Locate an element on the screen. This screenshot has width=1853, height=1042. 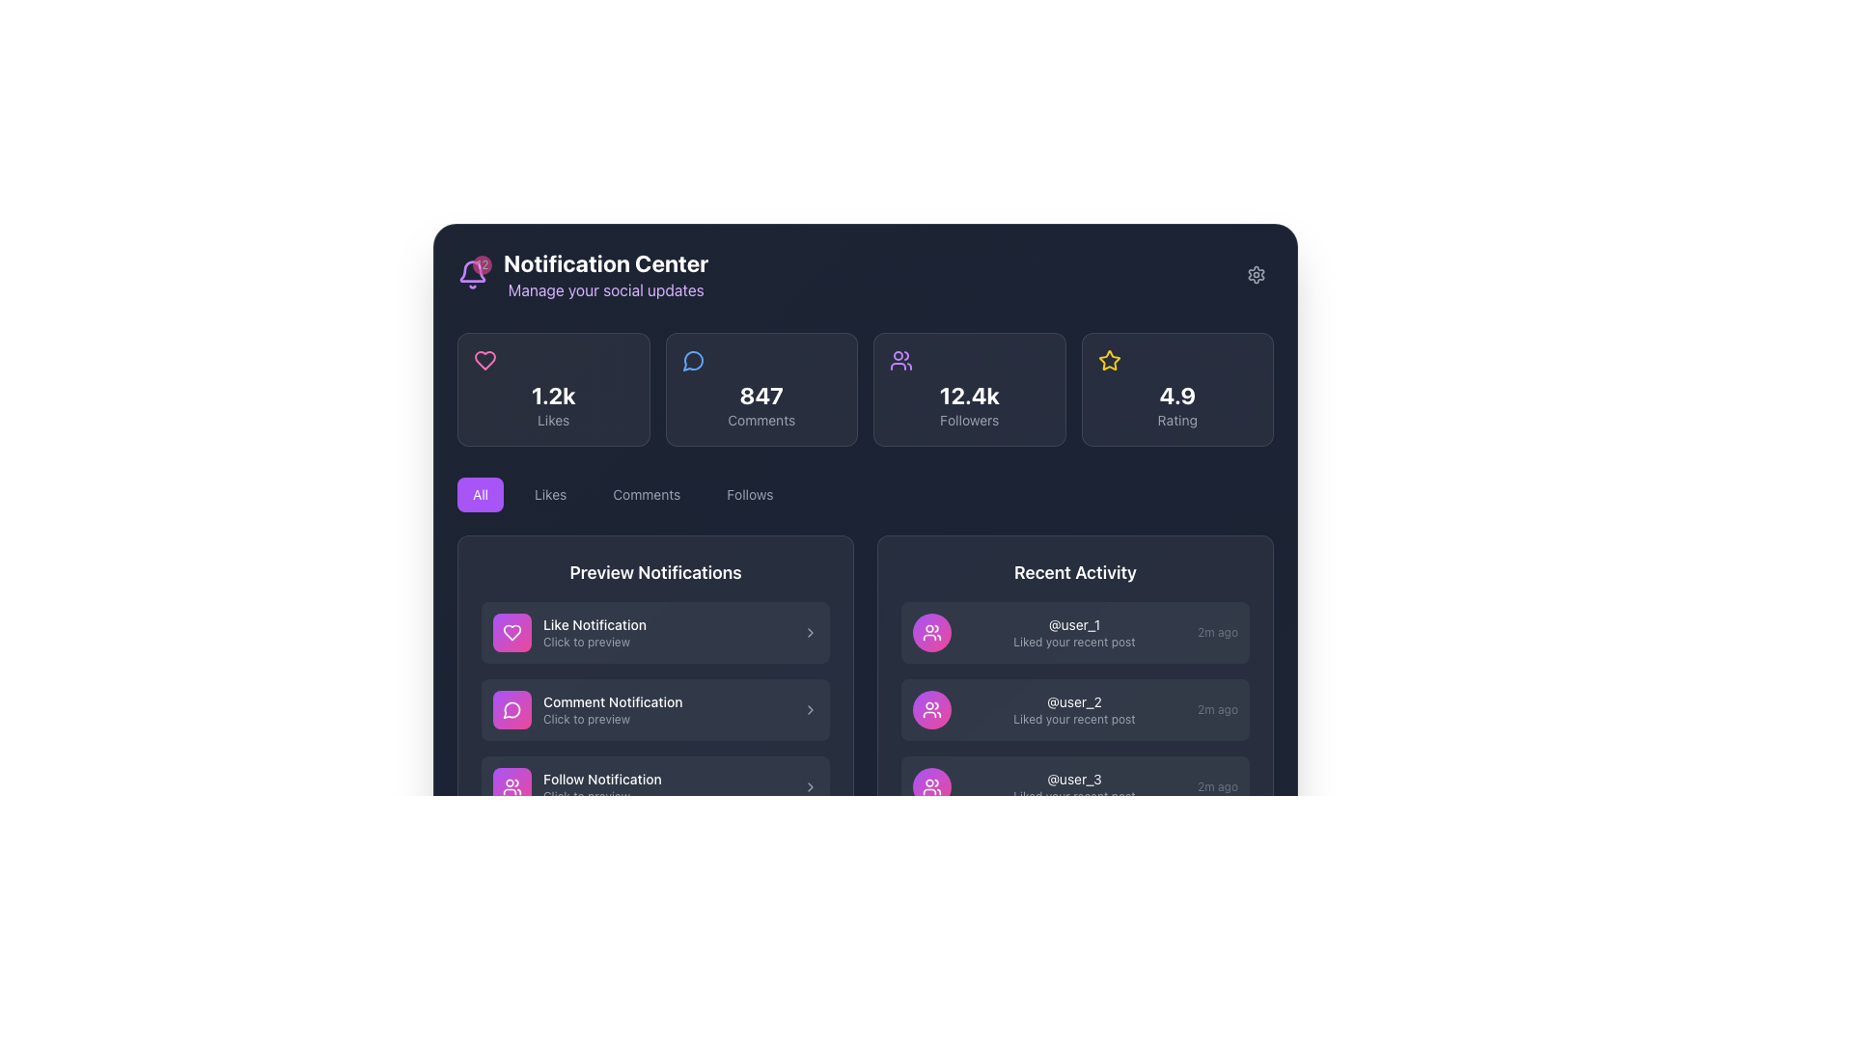
the Static Text element that displays the numerical rating value, located in the upper-right section of the interface, adjacent to other numerical data containers is located at coordinates (1176, 394).